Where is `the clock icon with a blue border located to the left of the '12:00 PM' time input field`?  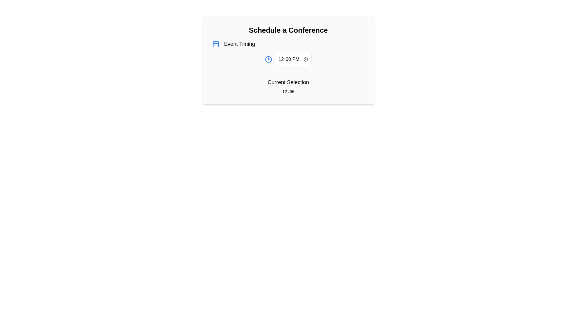
the clock icon with a blue border located to the left of the '12:00 PM' time input field is located at coordinates (268, 59).